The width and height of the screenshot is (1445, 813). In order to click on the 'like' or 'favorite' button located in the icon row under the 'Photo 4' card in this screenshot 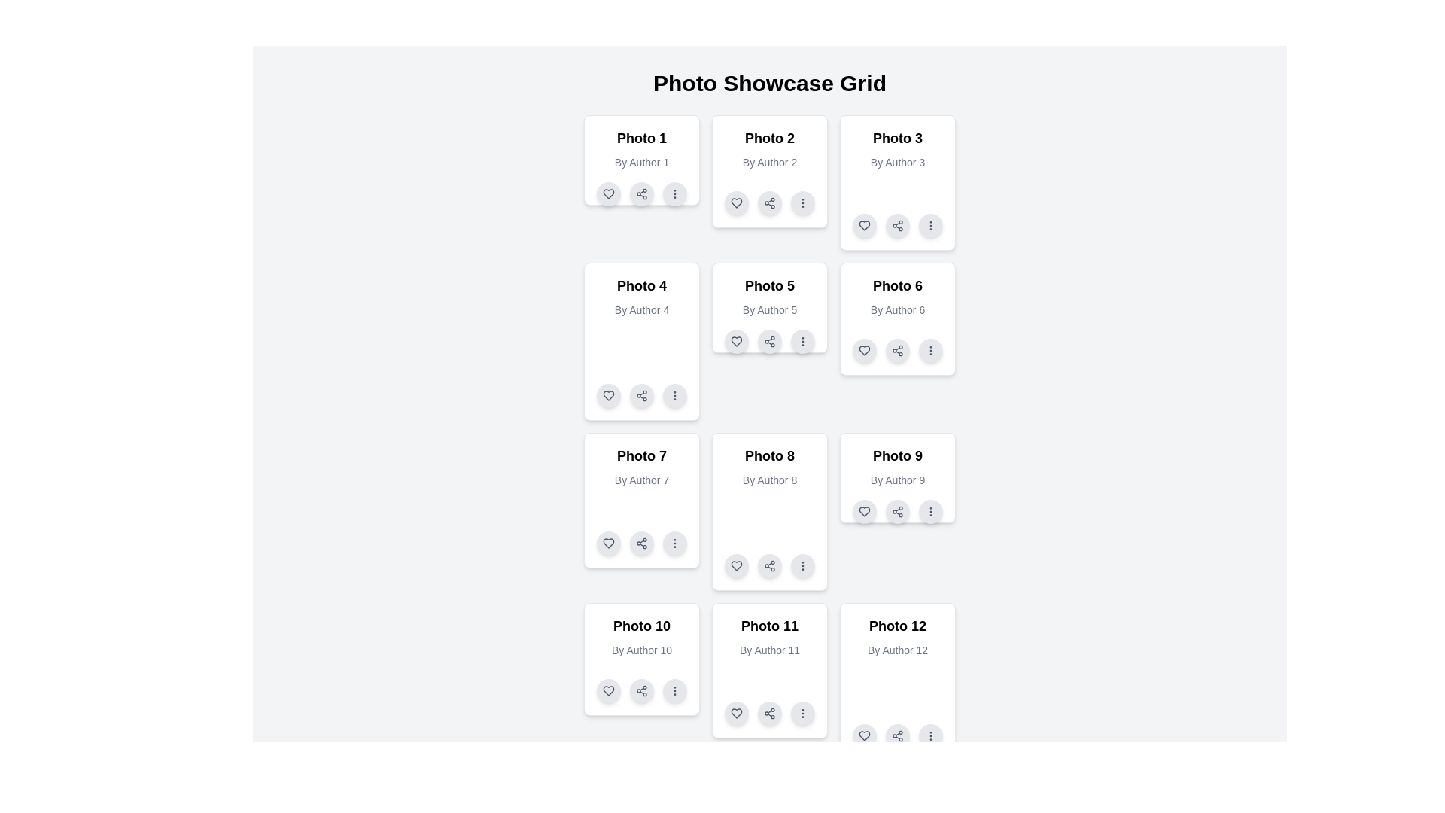, I will do `click(609, 394)`.